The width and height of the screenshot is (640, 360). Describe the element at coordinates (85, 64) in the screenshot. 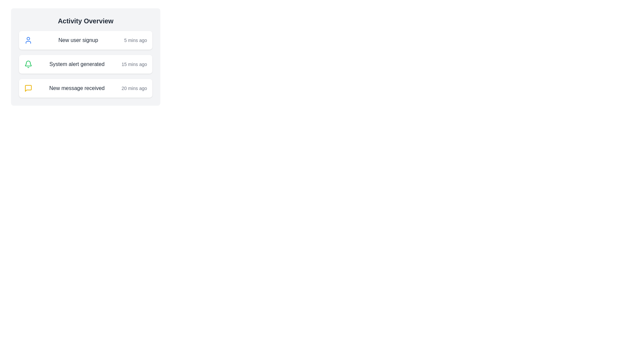

I see `the notification entry box displaying a bell icon with the text 'System alert generated' and a timestamp '15 mins ago'` at that location.